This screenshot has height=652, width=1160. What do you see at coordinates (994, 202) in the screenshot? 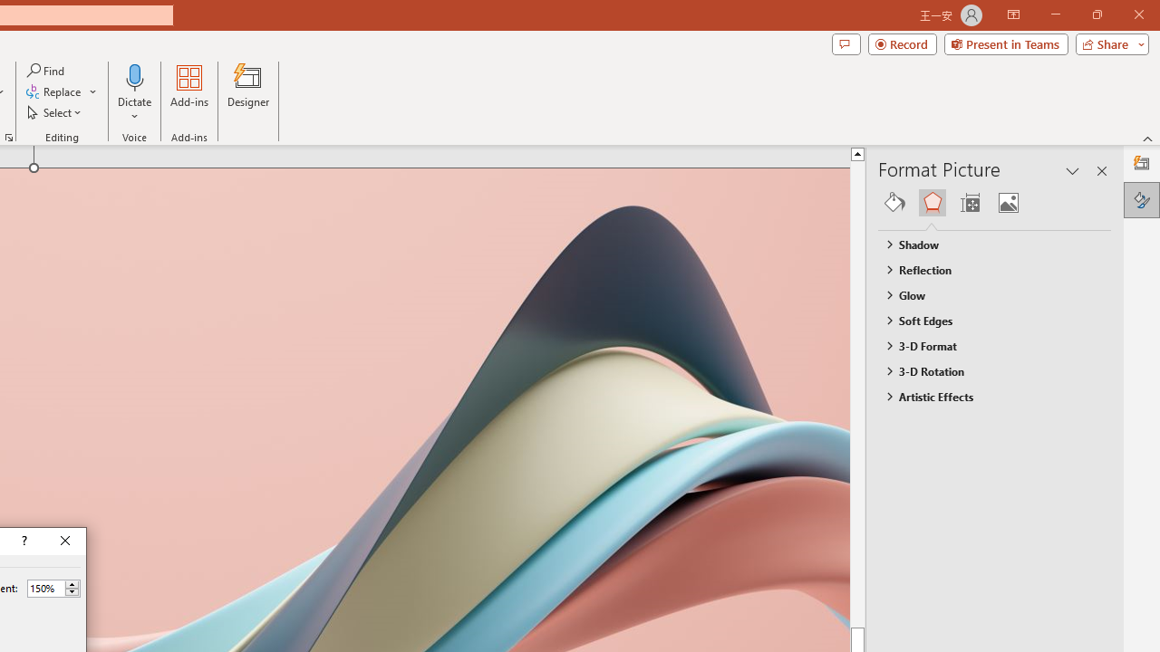
I see `'Class: NetUIGalleryContainer'` at bounding box center [994, 202].